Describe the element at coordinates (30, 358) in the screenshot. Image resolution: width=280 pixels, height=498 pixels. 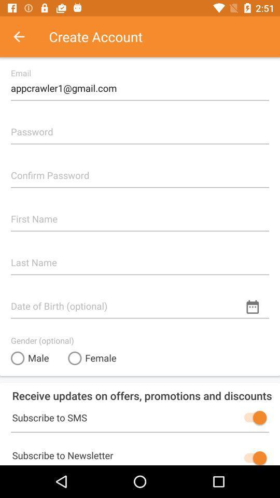
I see `the item next to female` at that location.